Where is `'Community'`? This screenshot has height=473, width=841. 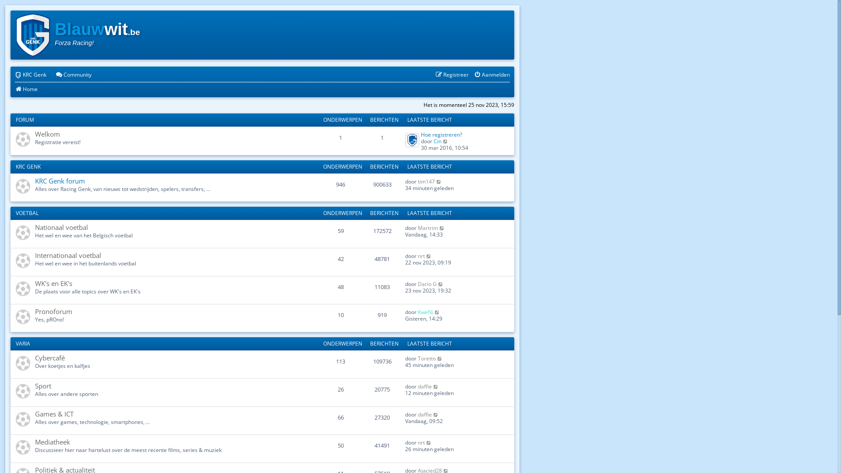
'Community' is located at coordinates (55, 74).